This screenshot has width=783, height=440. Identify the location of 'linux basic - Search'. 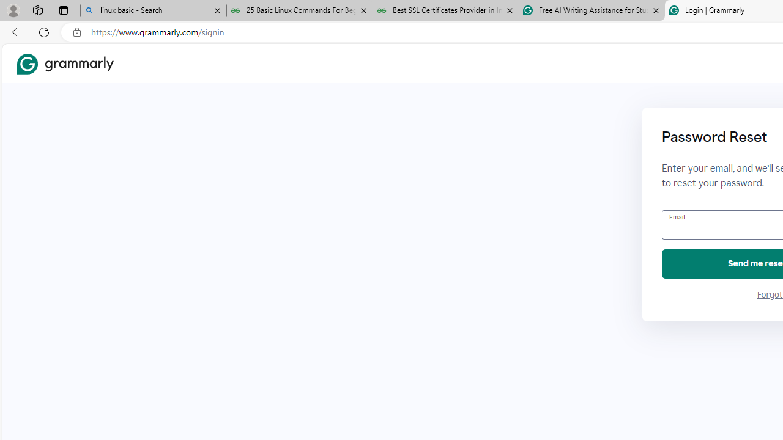
(152, 10).